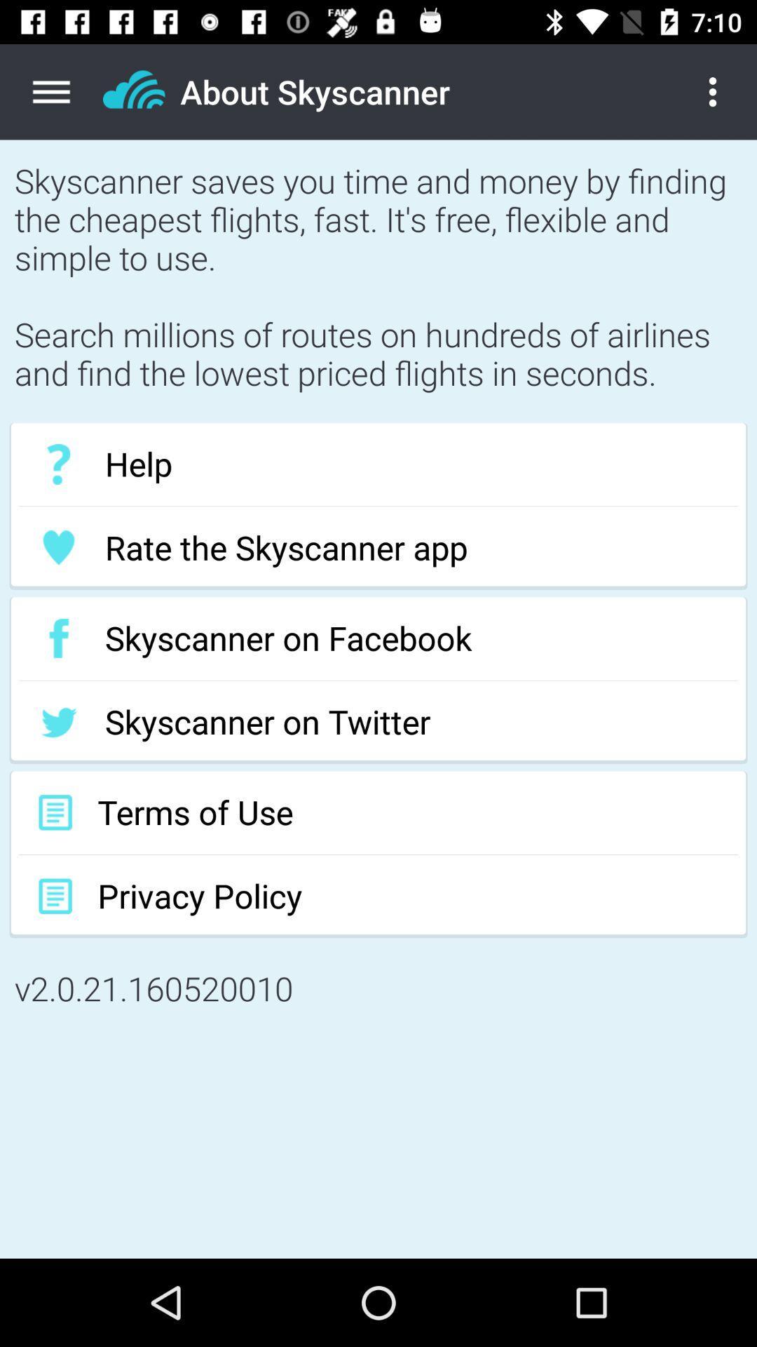 Image resolution: width=757 pixels, height=1347 pixels. Describe the element at coordinates (723, 91) in the screenshot. I see `the item at the top right corner` at that location.